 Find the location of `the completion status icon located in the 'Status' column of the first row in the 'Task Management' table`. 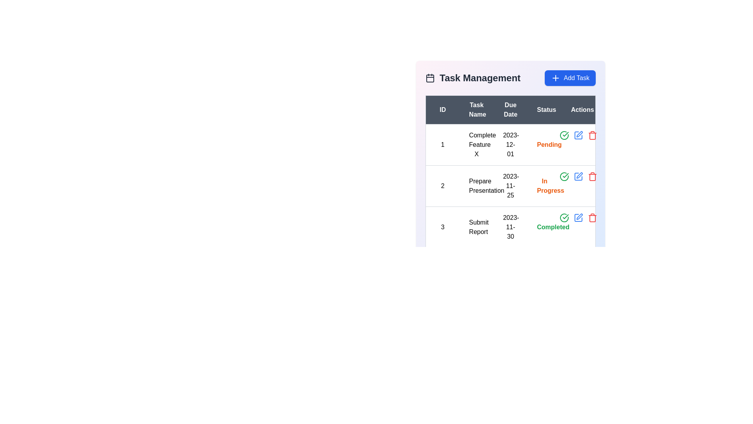

the completion status icon located in the 'Status' column of the first row in the 'Task Management' table is located at coordinates (564, 135).